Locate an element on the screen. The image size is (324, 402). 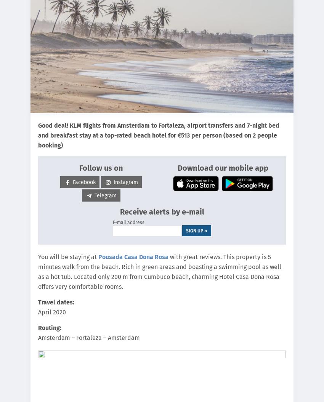
'Routing:' is located at coordinates (50, 328).